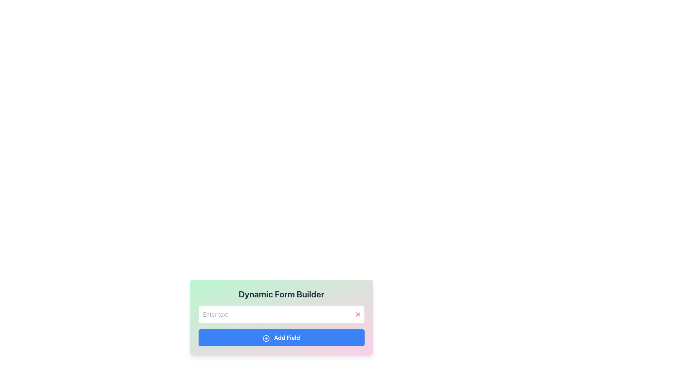 The image size is (687, 386). What do you see at coordinates (281, 338) in the screenshot?
I see `the button labeled 'Add Field' in the 'Dynamic Form Builder' to change its color` at bounding box center [281, 338].